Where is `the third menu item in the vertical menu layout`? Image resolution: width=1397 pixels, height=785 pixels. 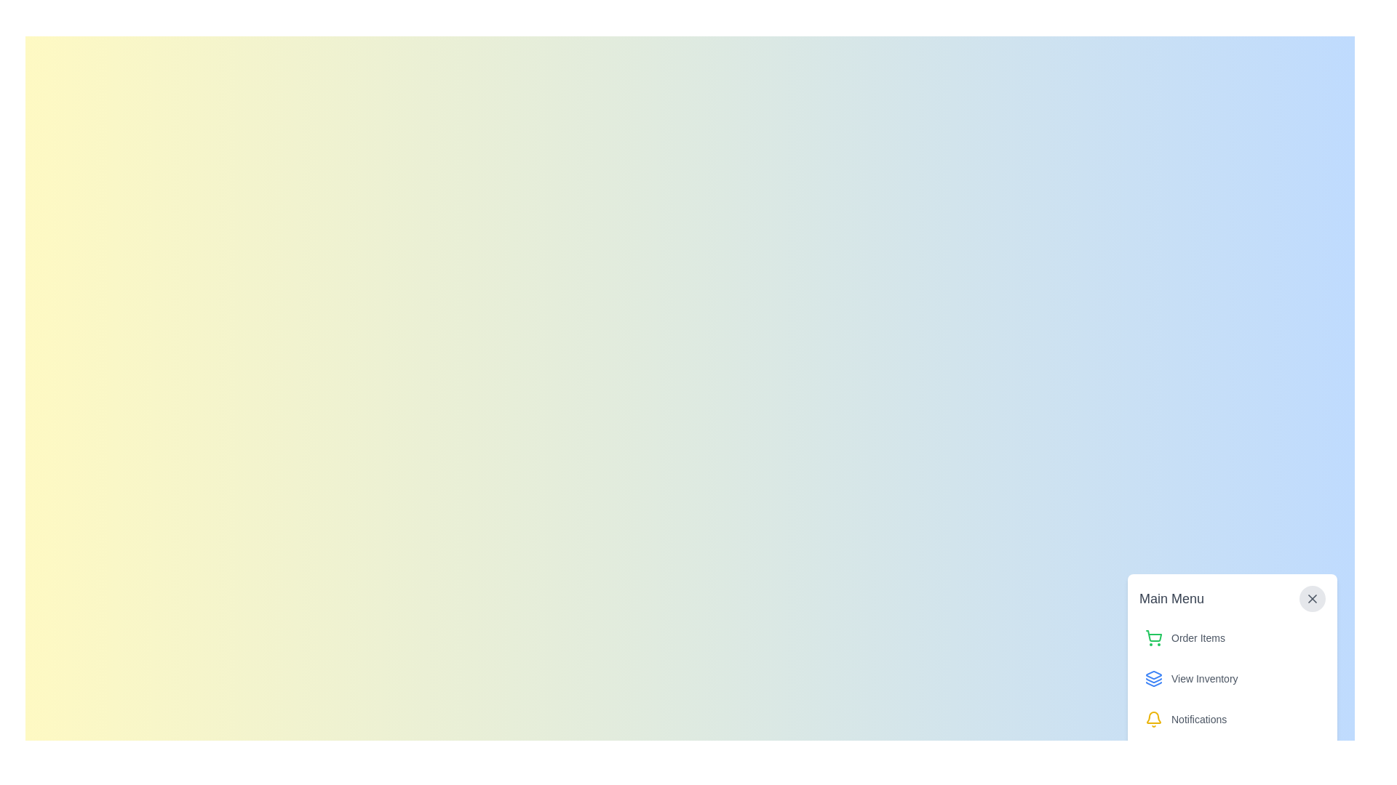
the third menu item in the vertical menu layout is located at coordinates (1232, 720).